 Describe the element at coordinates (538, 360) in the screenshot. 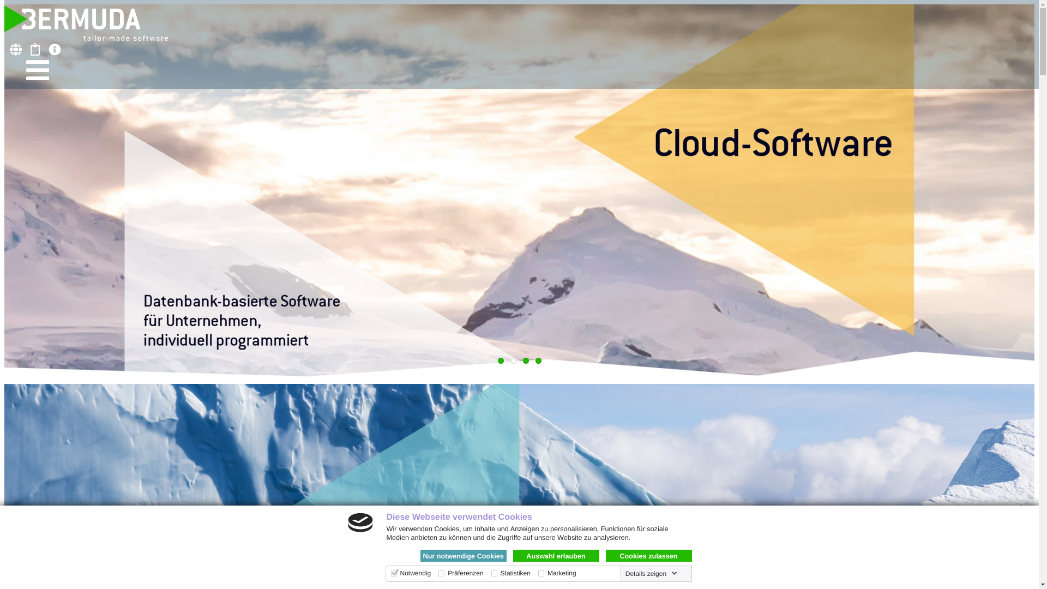

I see `'4'` at that location.